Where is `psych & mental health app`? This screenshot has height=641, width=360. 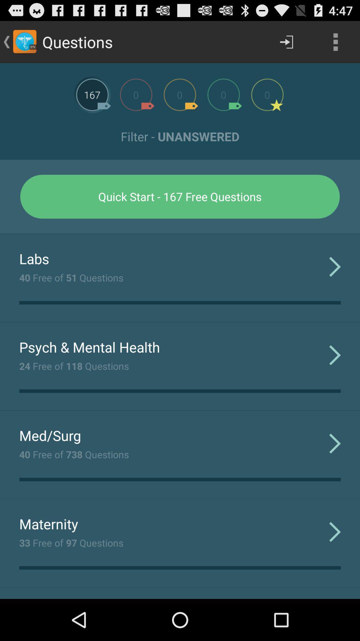 psych & mental health app is located at coordinates (89, 347).